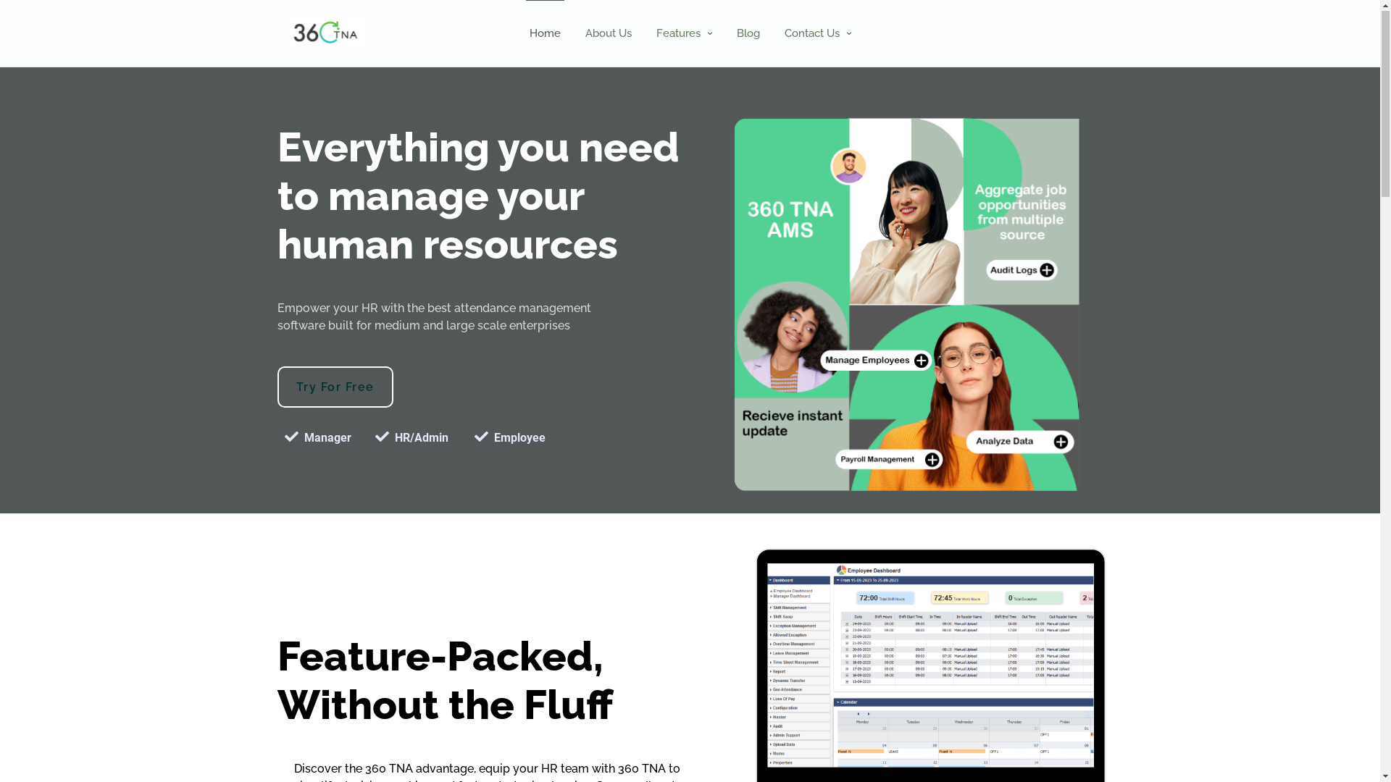 This screenshot has height=782, width=1391. Describe the element at coordinates (333, 387) in the screenshot. I see `'Try For Free'` at that location.